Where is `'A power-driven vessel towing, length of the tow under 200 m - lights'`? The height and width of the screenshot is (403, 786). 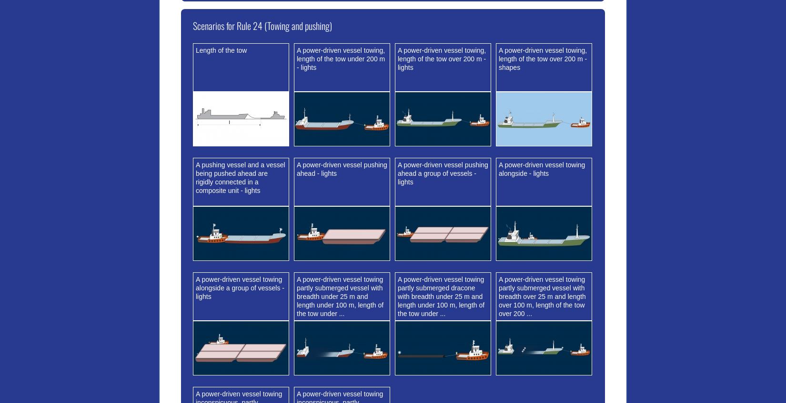 'A power-driven vessel towing, length of the tow under 200 m - lights' is located at coordinates (340, 58).